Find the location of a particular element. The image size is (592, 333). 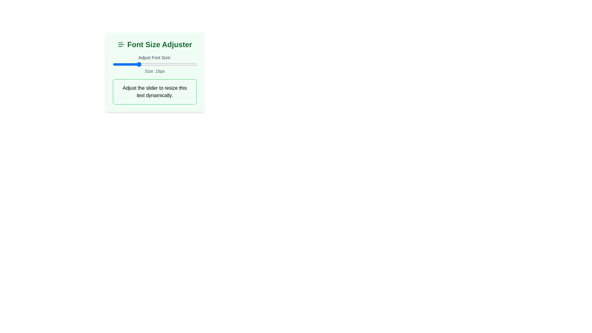

the slider to set the font size to 22 px is located at coordinates (163, 64).